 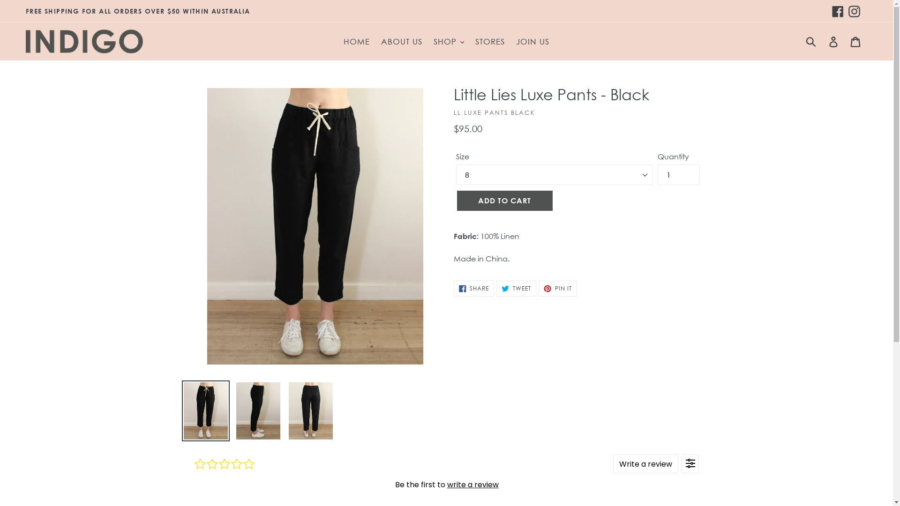 I want to click on 'SHARE, so click(x=474, y=288).